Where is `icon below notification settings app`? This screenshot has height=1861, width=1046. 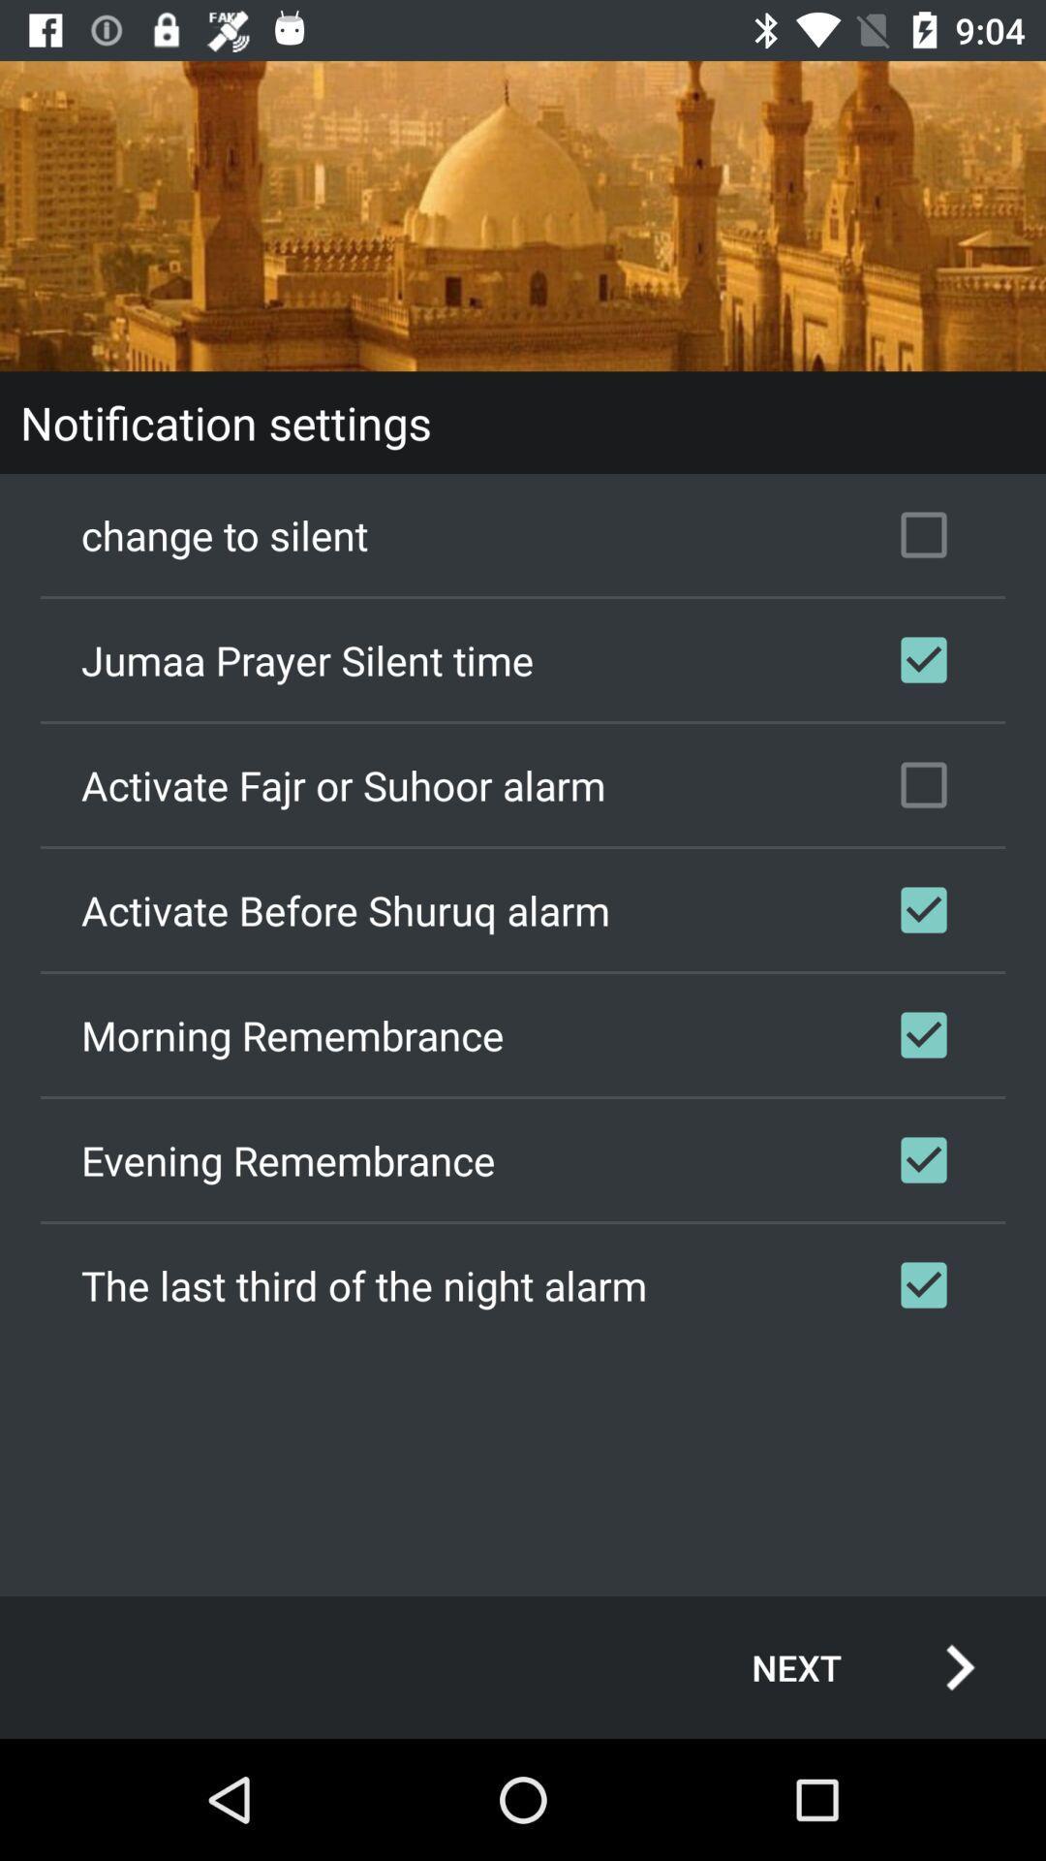
icon below notification settings app is located at coordinates (523, 535).